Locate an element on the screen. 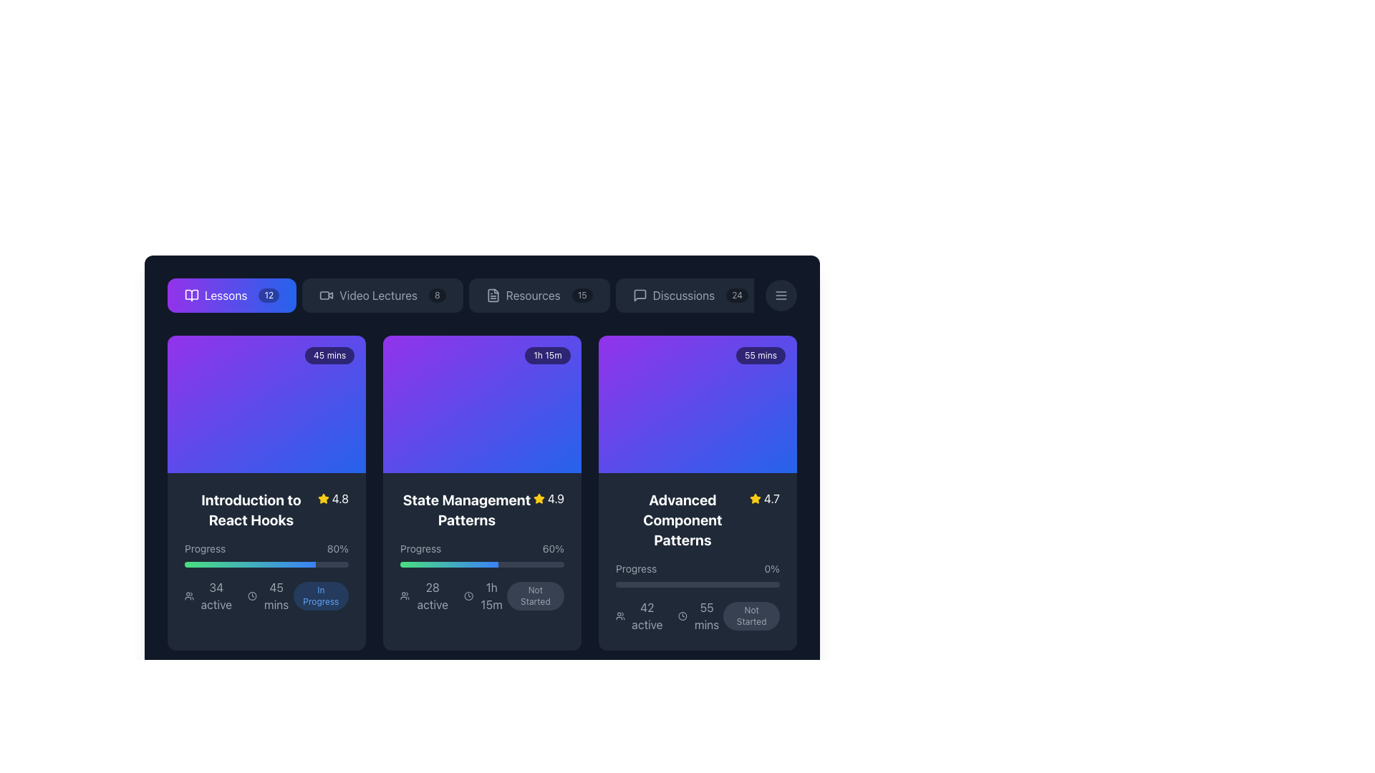  the title header element displaying 'Introduction to React Hooks' with a rating star icon and numeric value '4.8', located in the top portion of the first card in the lesson list grid is located at coordinates (266, 510).